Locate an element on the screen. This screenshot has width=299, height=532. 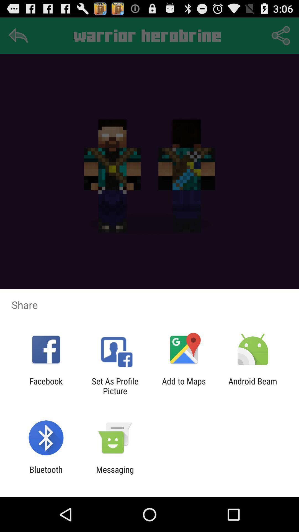
app next to the bluetooth app is located at coordinates (115, 474).